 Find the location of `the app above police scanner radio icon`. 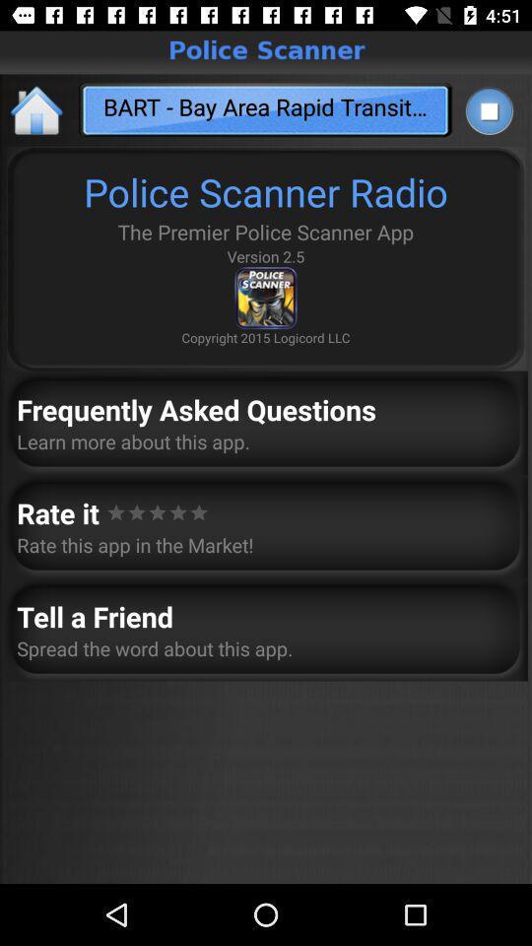

the app above police scanner radio icon is located at coordinates (488, 110).